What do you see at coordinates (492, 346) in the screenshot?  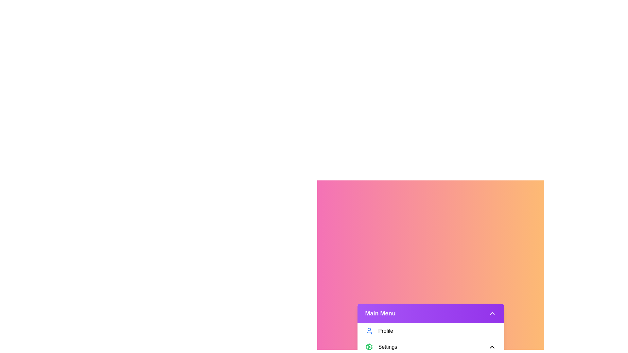 I see `the icon indicating the dropdown state of the 'Settings' menu, which is currently expanded` at bounding box center [492, 346].